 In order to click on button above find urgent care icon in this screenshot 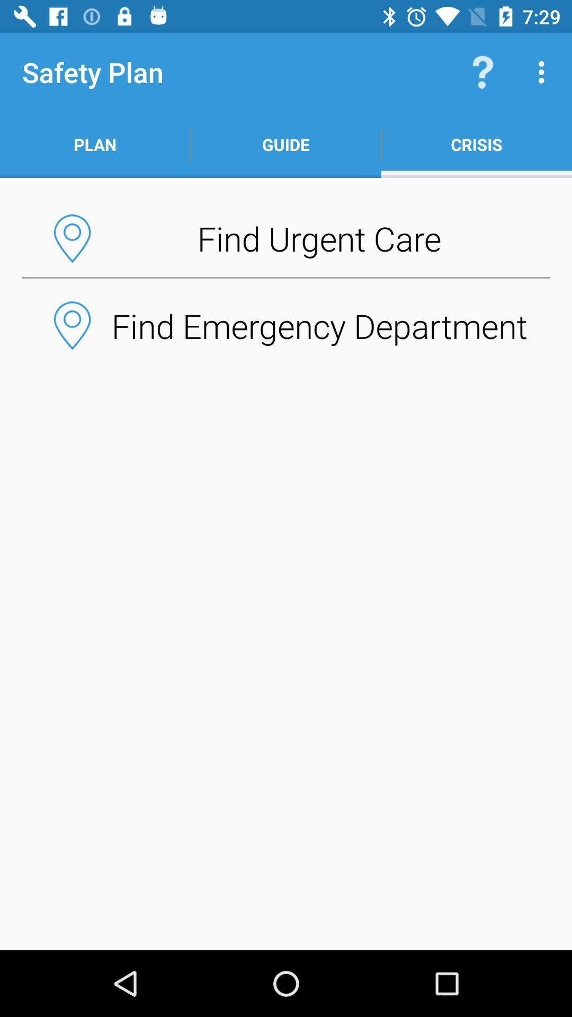, I will do `click(286, 144)`.